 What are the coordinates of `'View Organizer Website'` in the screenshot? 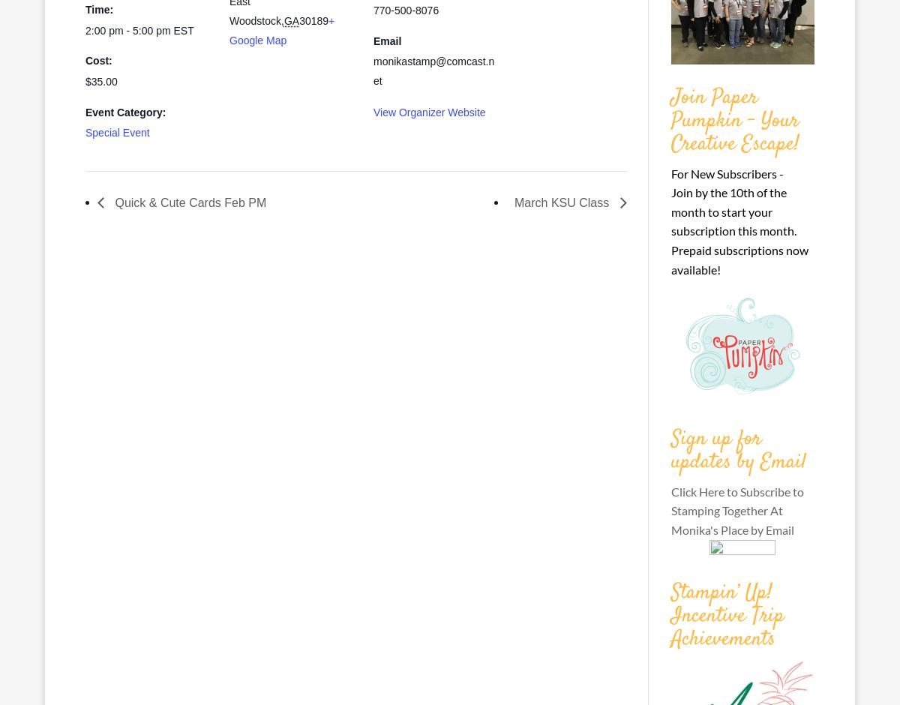 It's located at (373, 110).